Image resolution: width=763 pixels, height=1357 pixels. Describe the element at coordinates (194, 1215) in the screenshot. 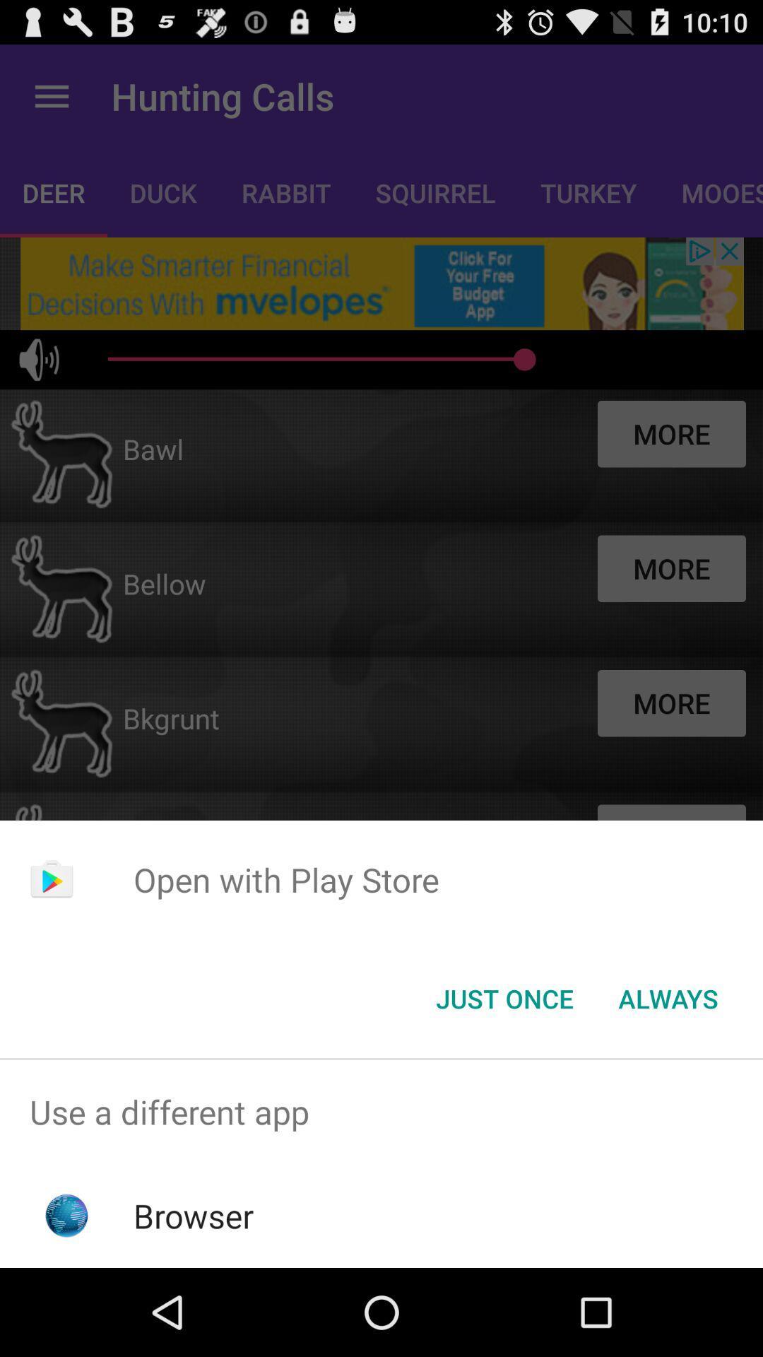

I see `item below use a different` at that location.